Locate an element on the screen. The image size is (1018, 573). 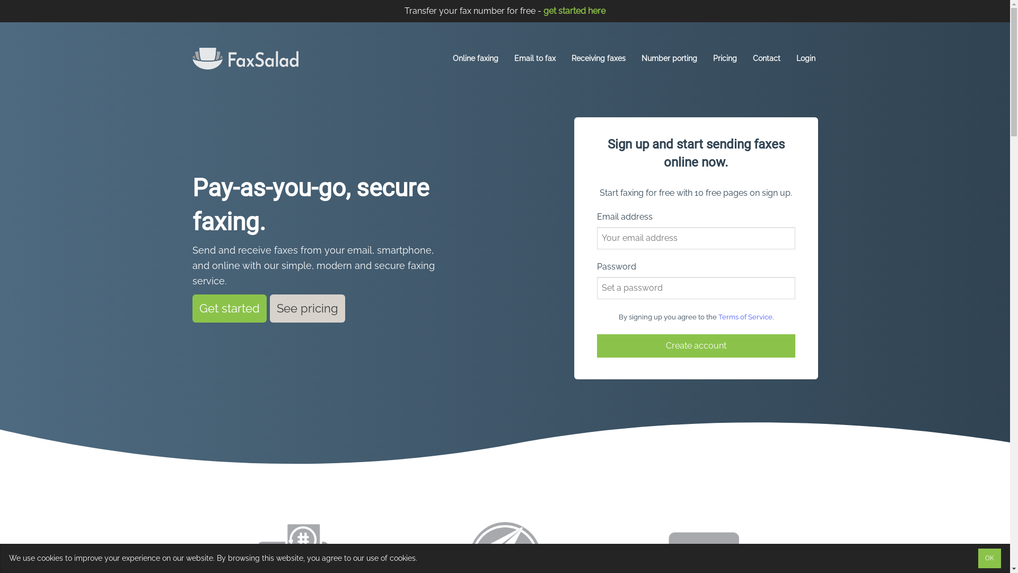
'See pricing' is located at coordinates (307, 308).